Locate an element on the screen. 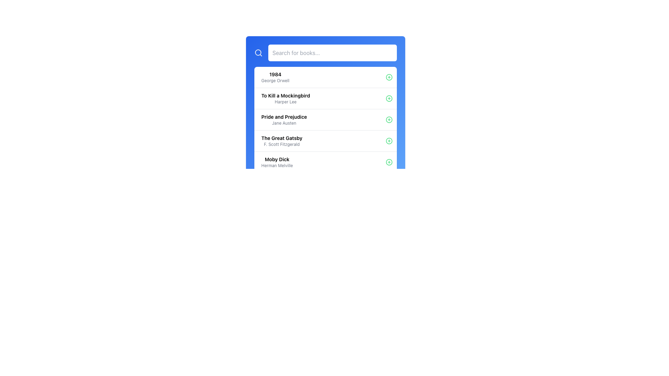  the circular green outlined button with a '+' sign, located to the right of the book title 'Pride and Prejudice' and author 'Jane Austen' is located at coordinates (389, 119).